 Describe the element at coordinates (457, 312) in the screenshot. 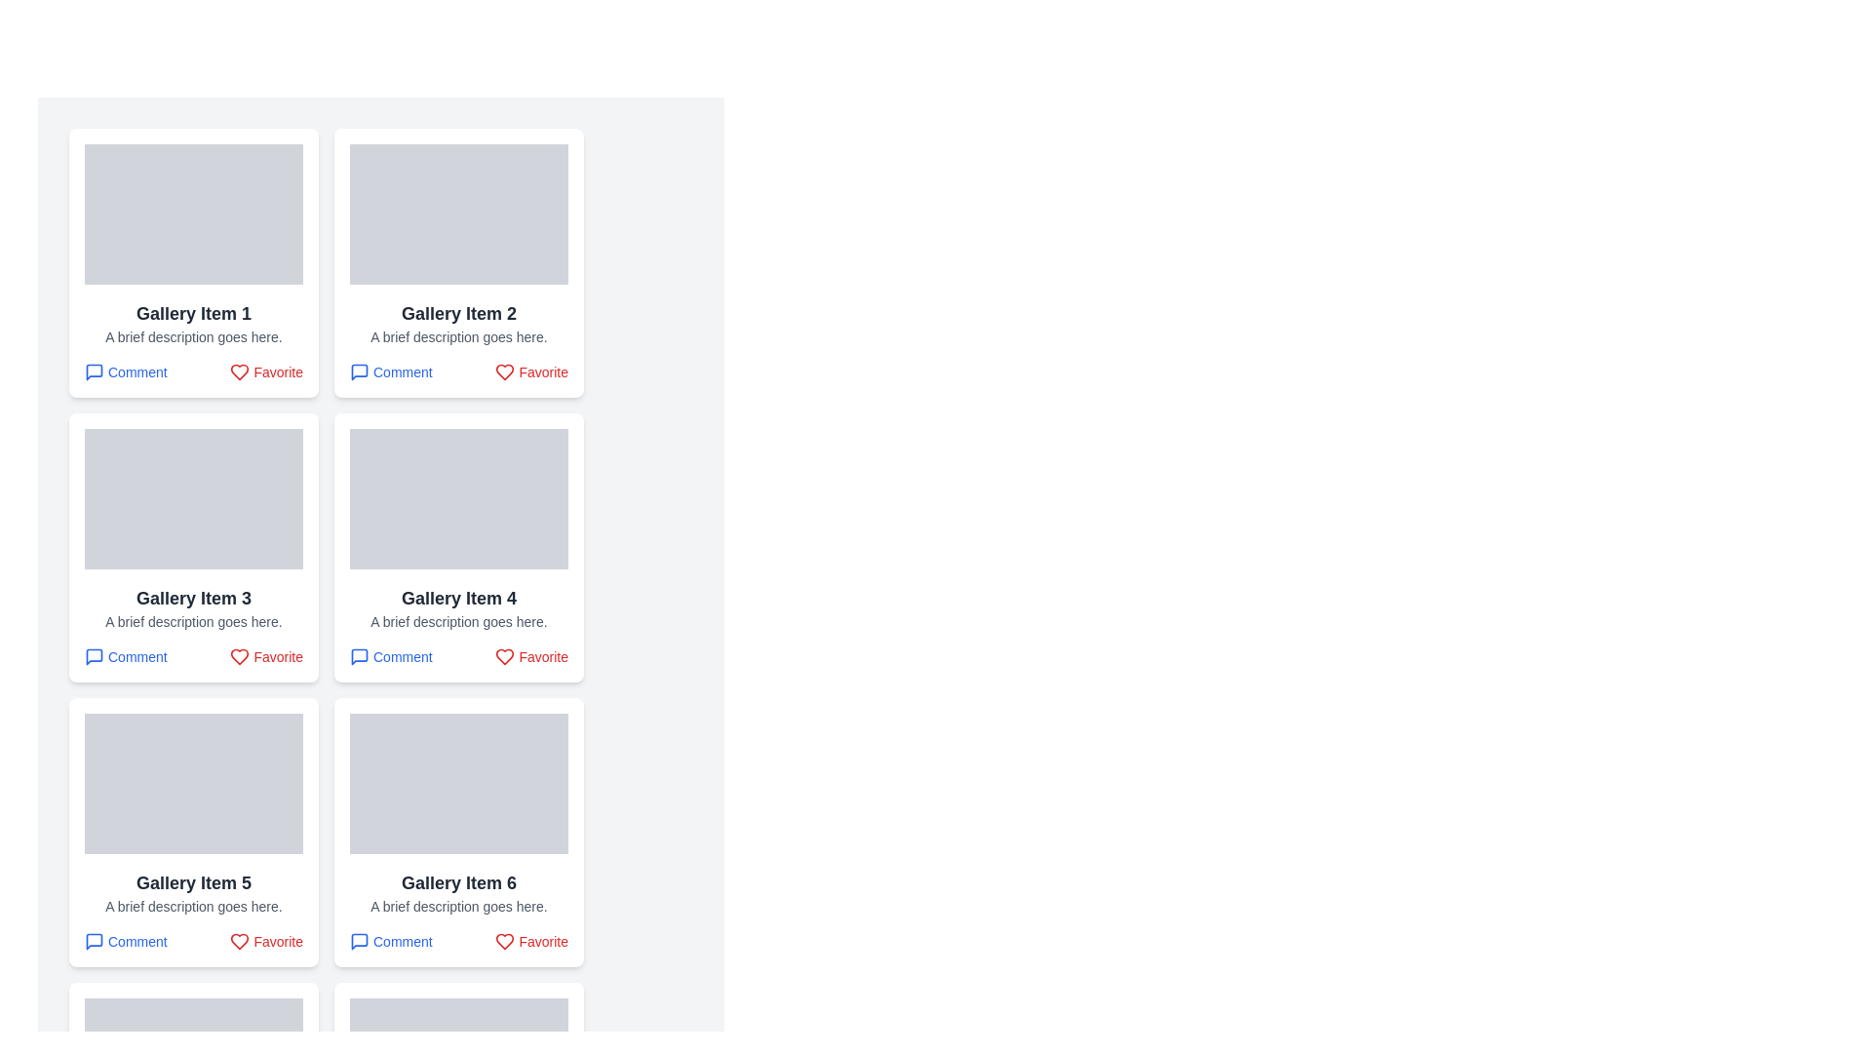

I see `the title text located in the second card of the first row in the grid layout, which is positioned below a gray rectangular placeholder image` at that location.